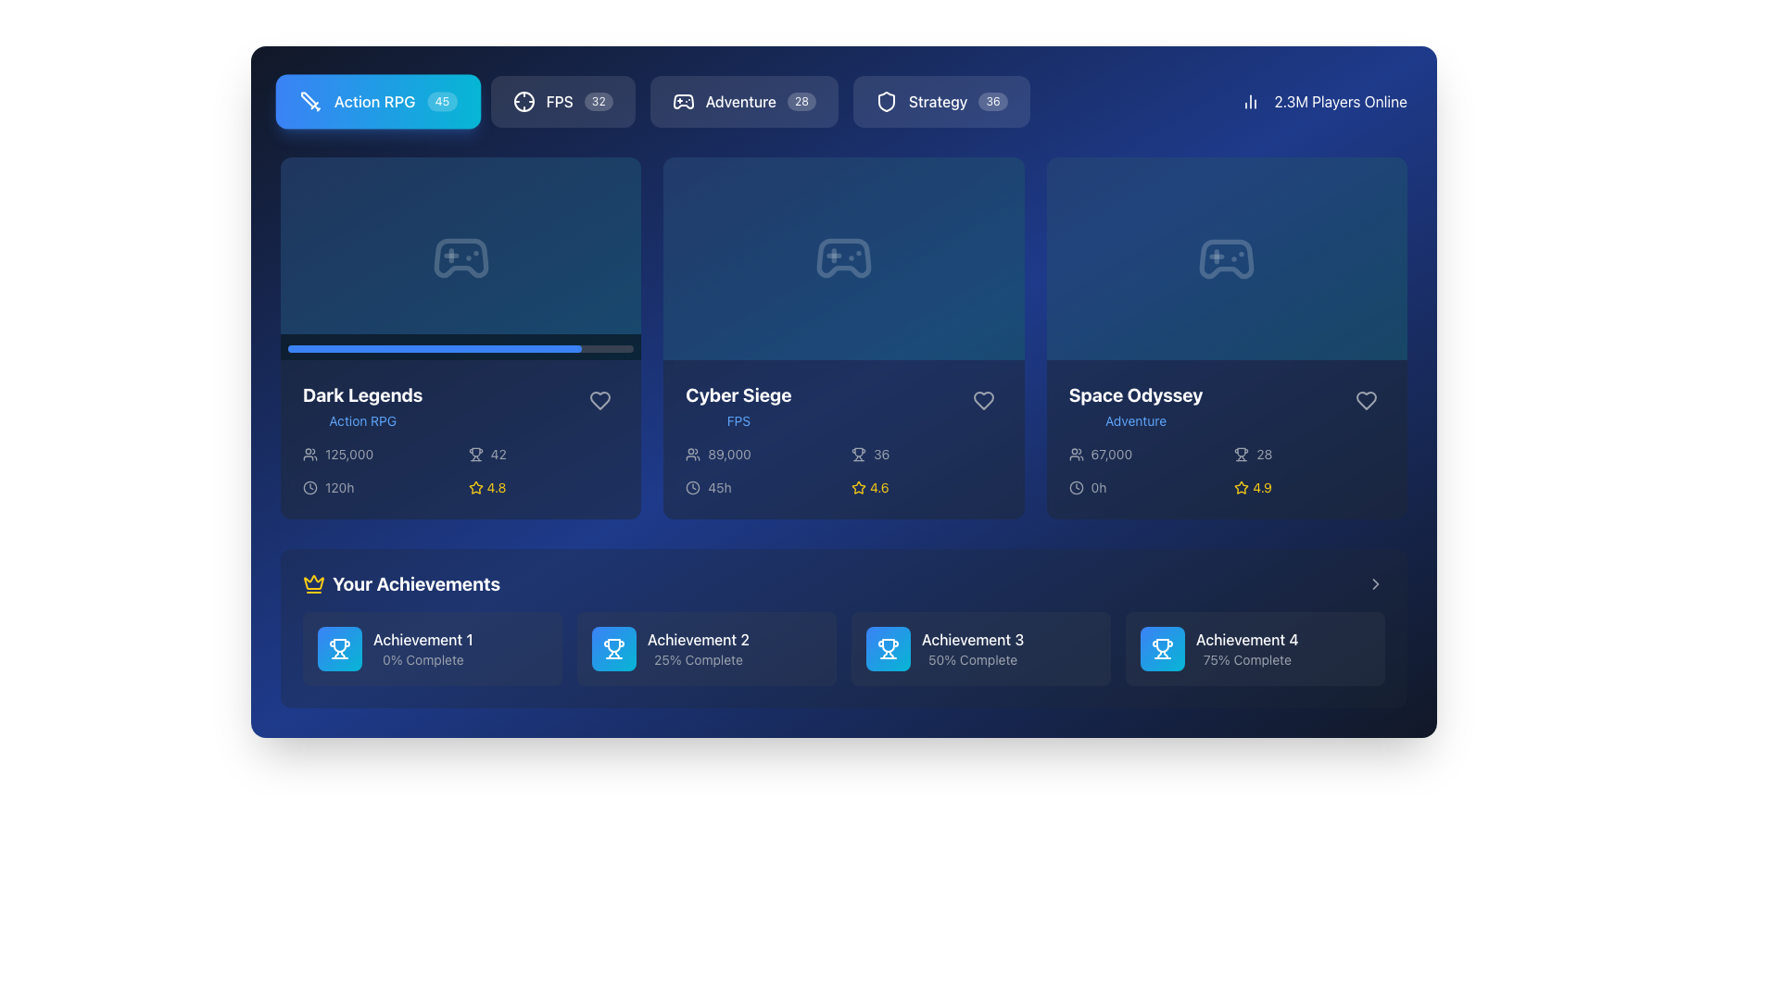 The height and width of the screenshot is (1000, 1779). What do you see at coordinates (422, 648) in the screenshot?
I see `the textual display block showing 'Achievement 1' with the subtitle '0% Complete', located in the 'Your Achievements' section` at bounding box center [422, 648].